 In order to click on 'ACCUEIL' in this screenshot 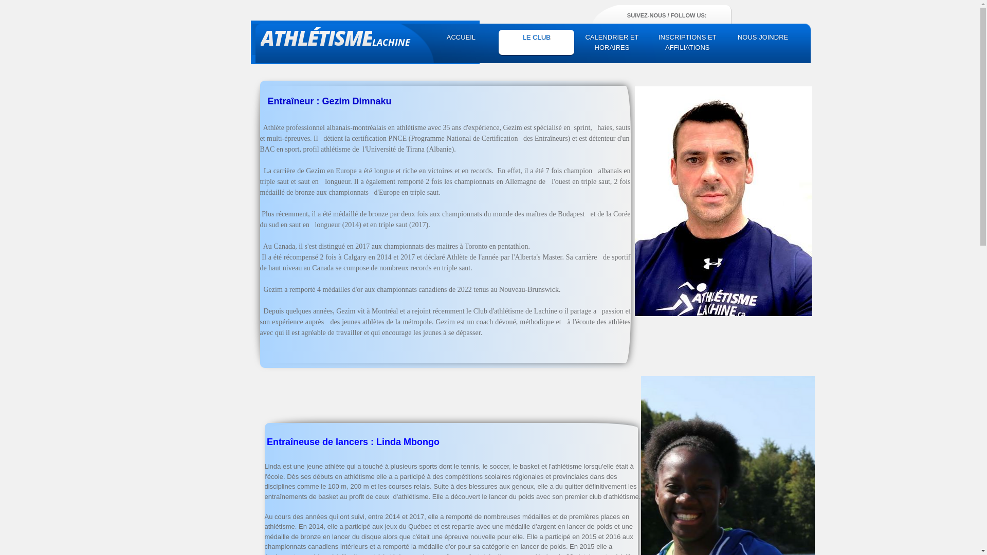, I will do `click(461, 37)`.